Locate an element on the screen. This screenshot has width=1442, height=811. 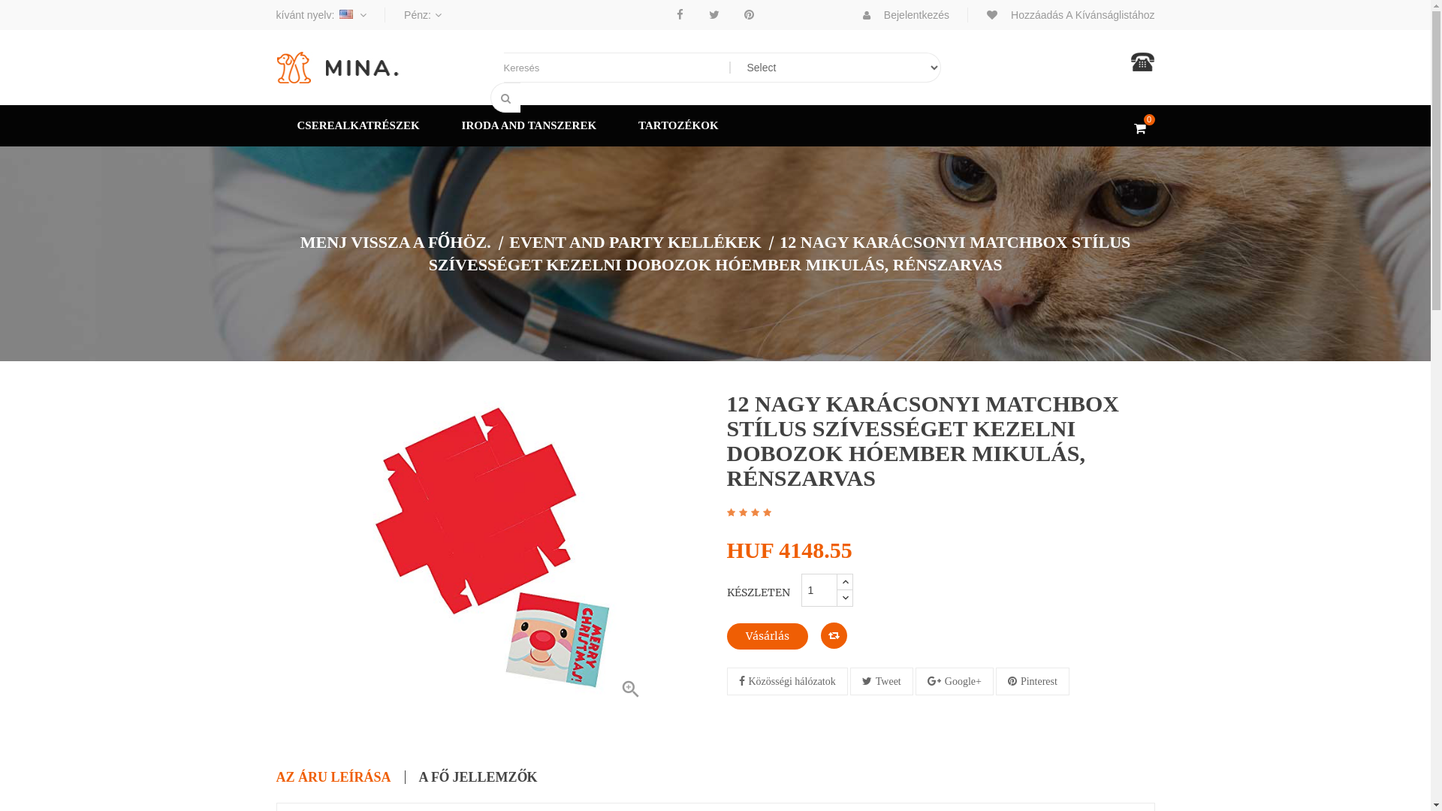
'Google+' is located at coordinates (954, 681).